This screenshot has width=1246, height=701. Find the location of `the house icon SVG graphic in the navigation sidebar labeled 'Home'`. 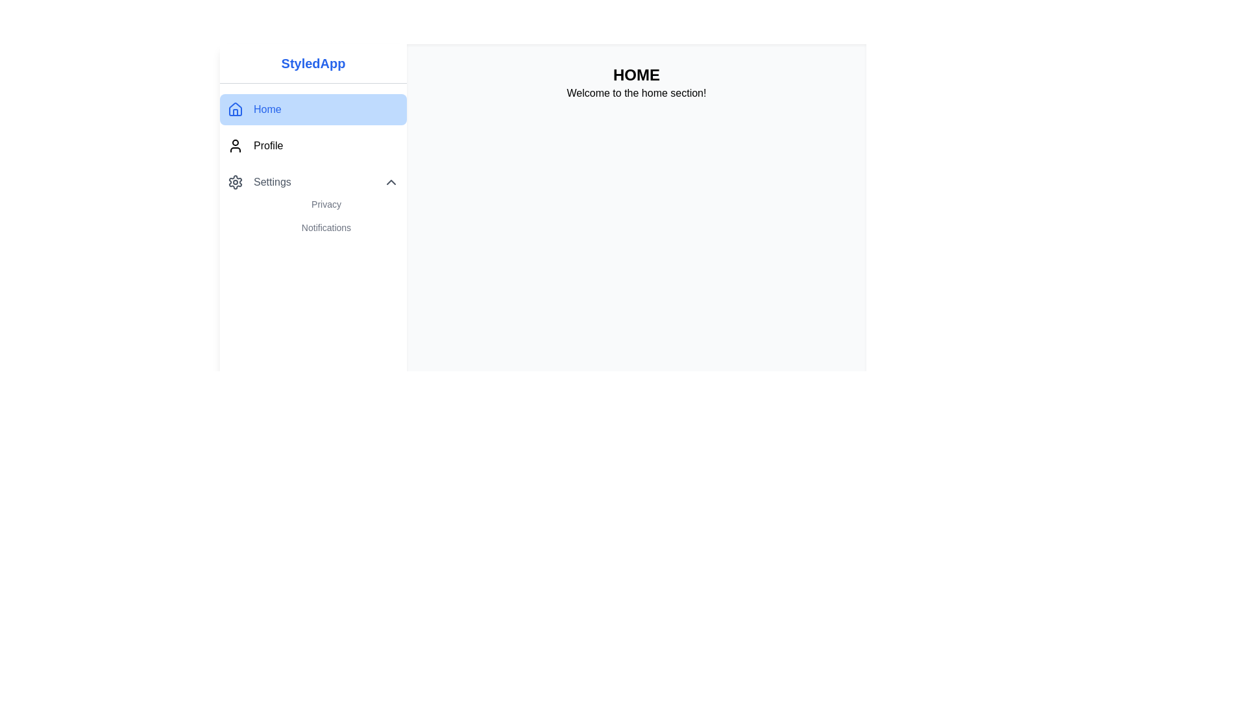

the house icon SVG graphic in the navigation sidebar labeled 'Home' is located at coordinates (236, 109).